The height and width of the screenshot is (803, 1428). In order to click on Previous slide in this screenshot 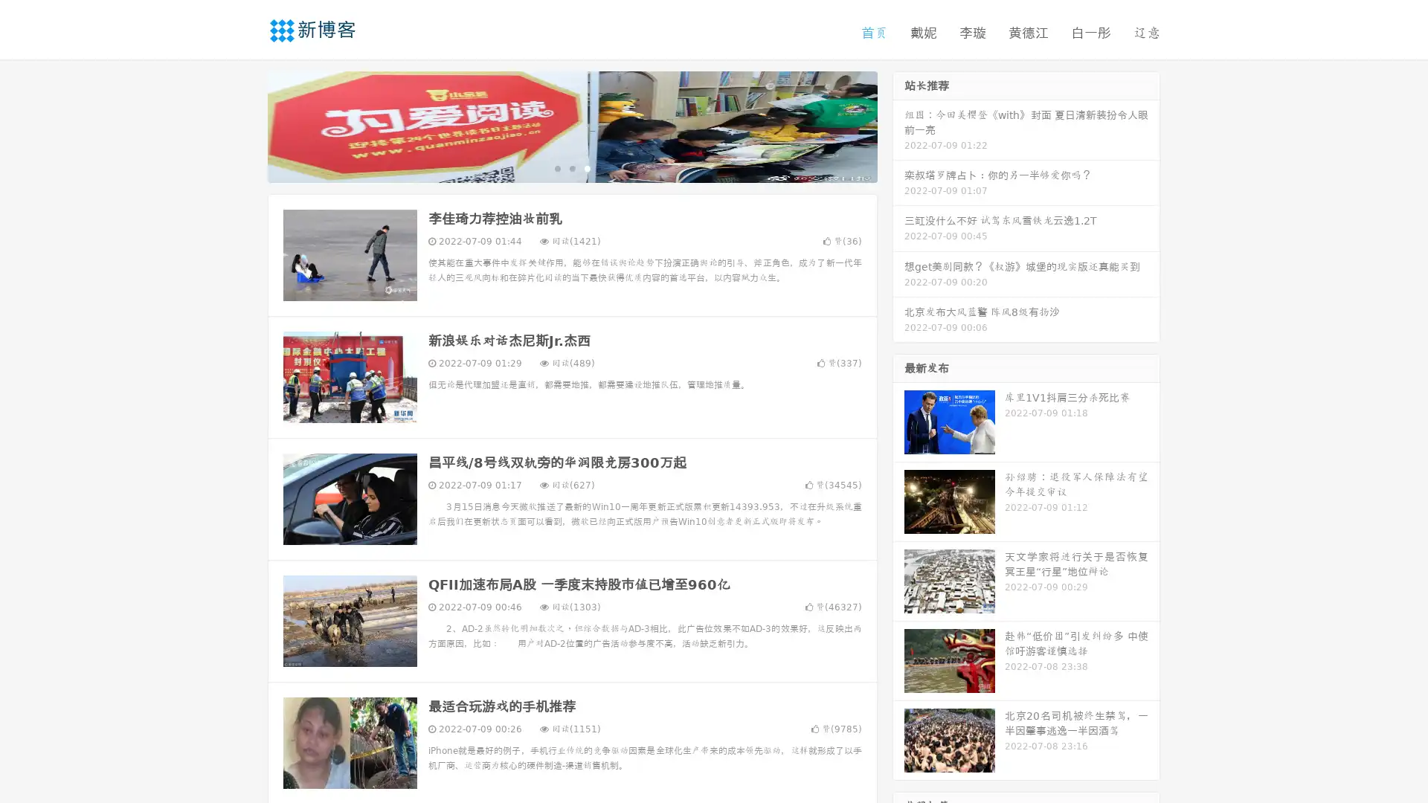, I will do `click(245, 125)`.